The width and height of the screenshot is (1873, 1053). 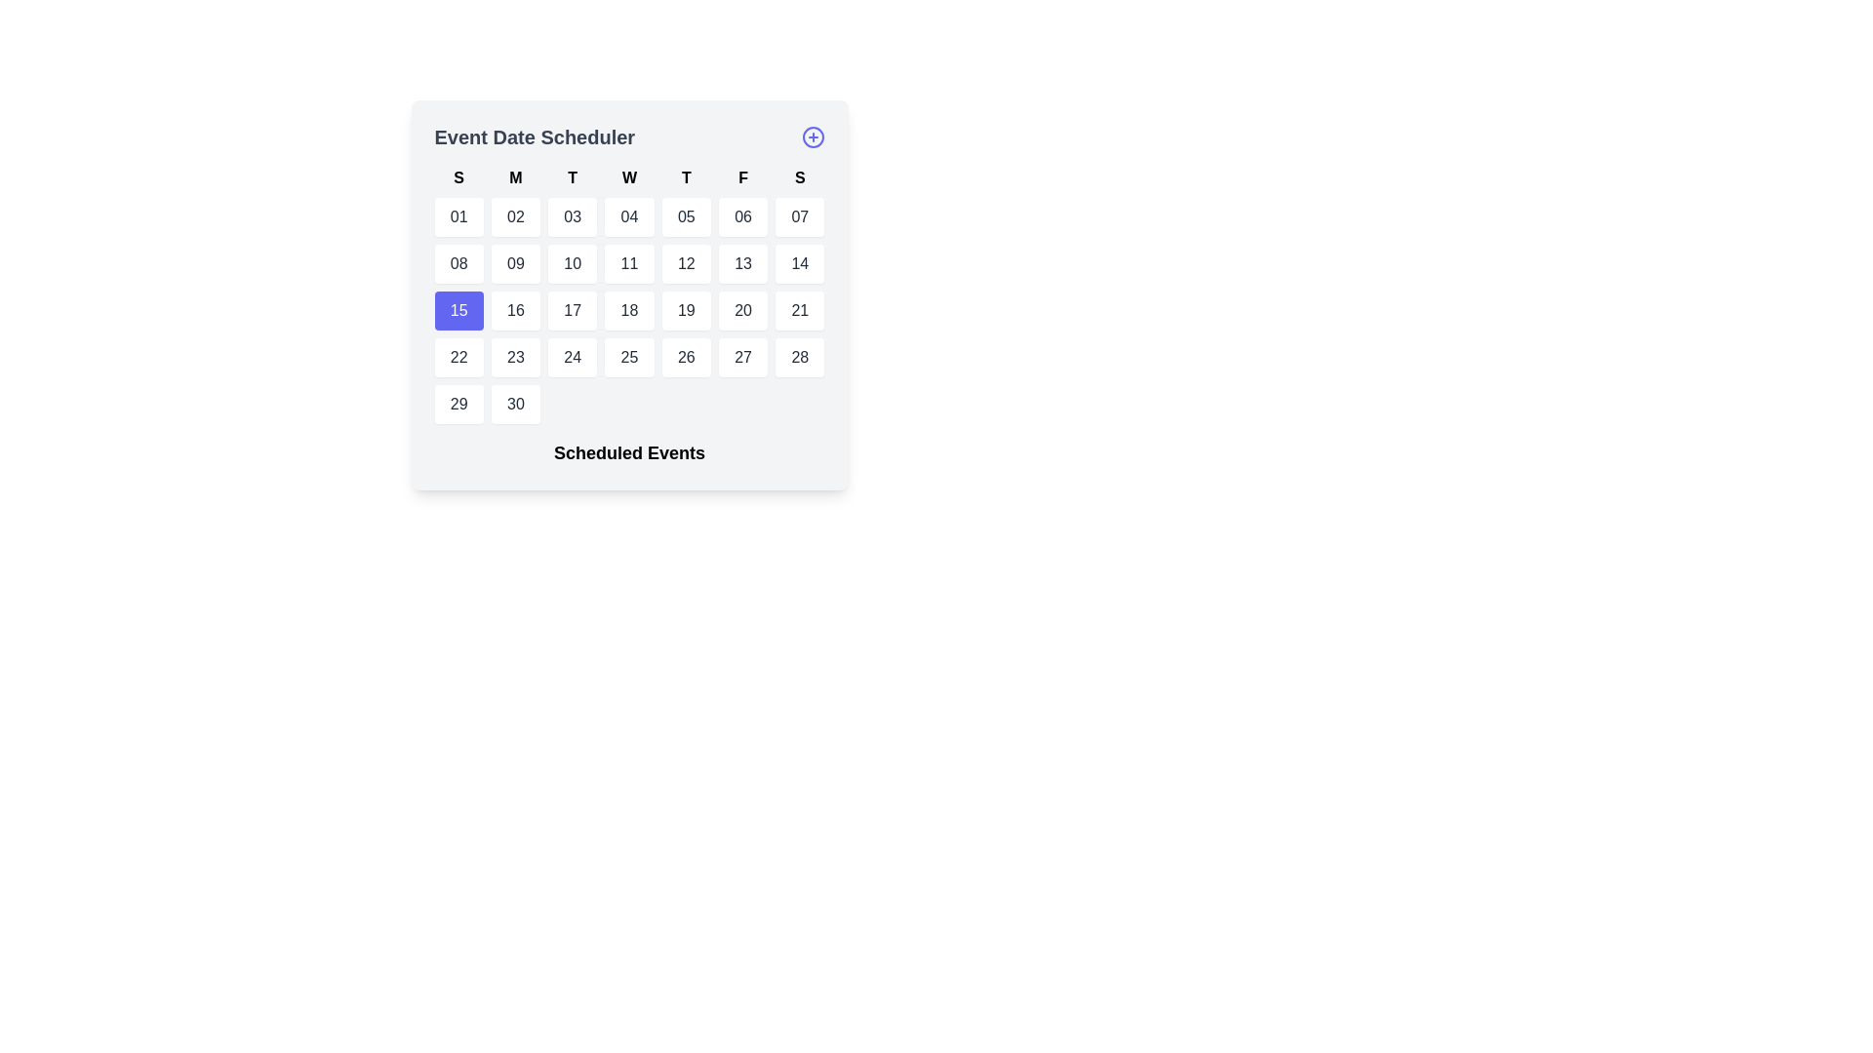 What do you see at coordinates (458, 217) in the screenshot?
I see `the stylized button labeled '01' located in the first row of the calendar grid under the 'S' column heading` at bounding box center [458, 217].